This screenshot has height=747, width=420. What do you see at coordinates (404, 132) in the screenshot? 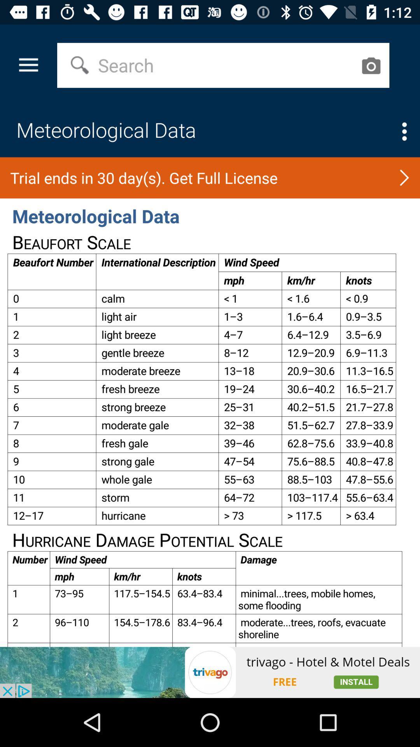
I see `menu` at bounding box center [404, 132].